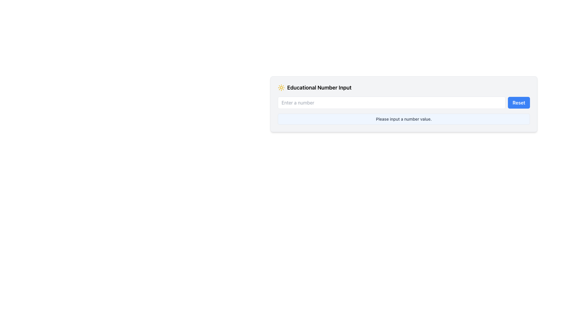 The width and height of the screenshot is (565, 317). What do you see at coordinates (403, 119) in the screenshot?
I see `the Text label that provides guidance for the 'Educational Number Input' field, located within a blue-bordered rounded rectangle` at bounding box center [403, 119].